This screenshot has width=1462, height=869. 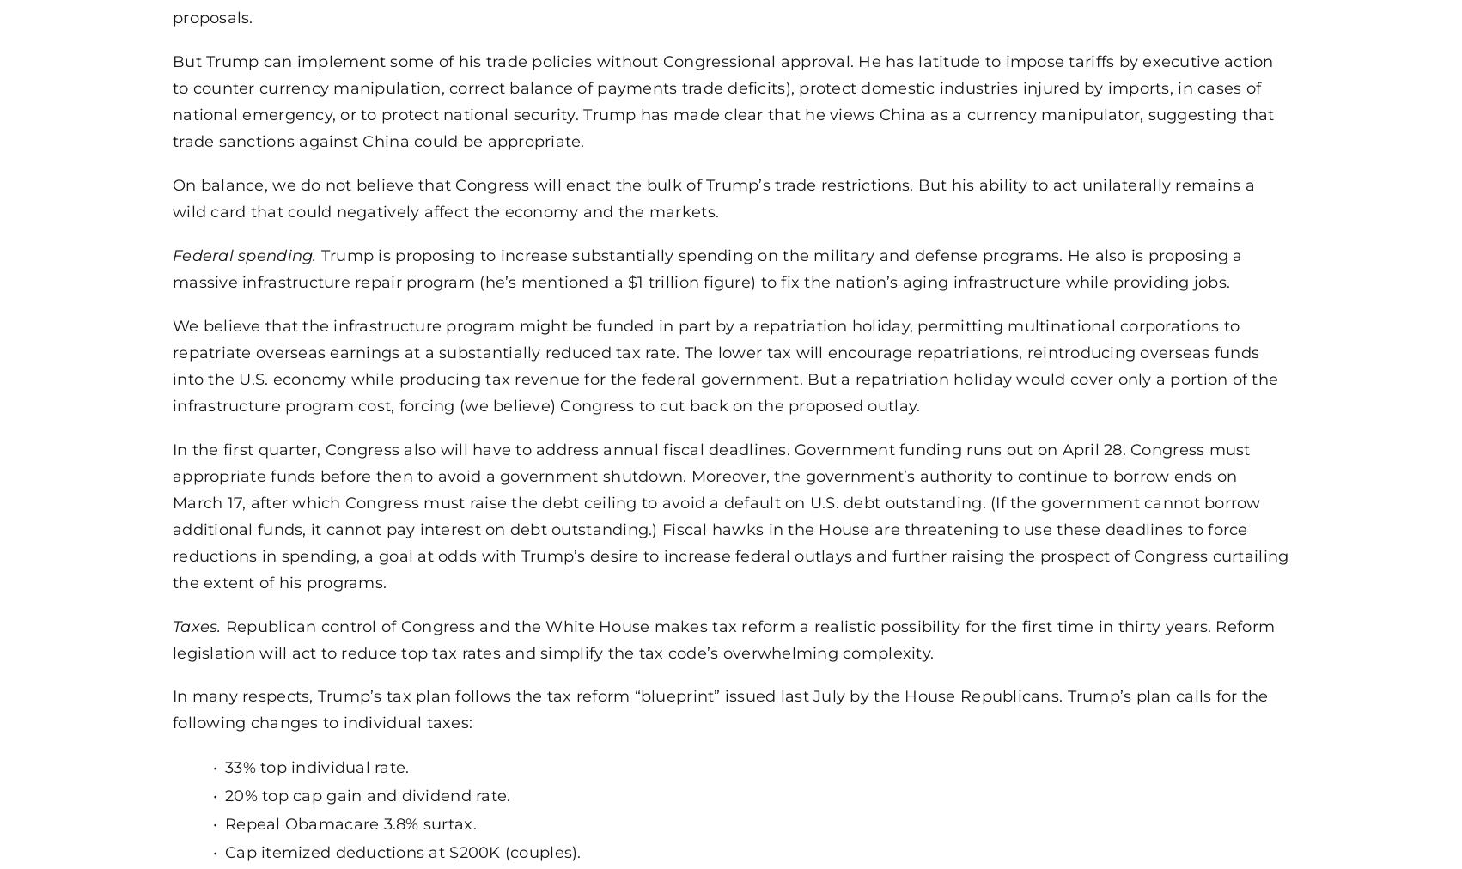 What do you see at coordinates (172, 625) in the screenshot?
I see `'Taxes.'` at bounding box center [172, 625].